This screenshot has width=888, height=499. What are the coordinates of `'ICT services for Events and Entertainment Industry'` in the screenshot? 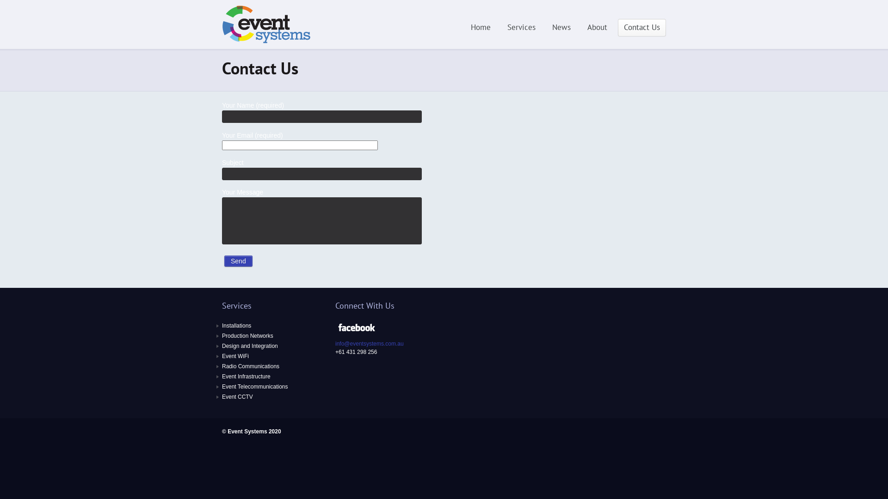 It's located at (222, 43).